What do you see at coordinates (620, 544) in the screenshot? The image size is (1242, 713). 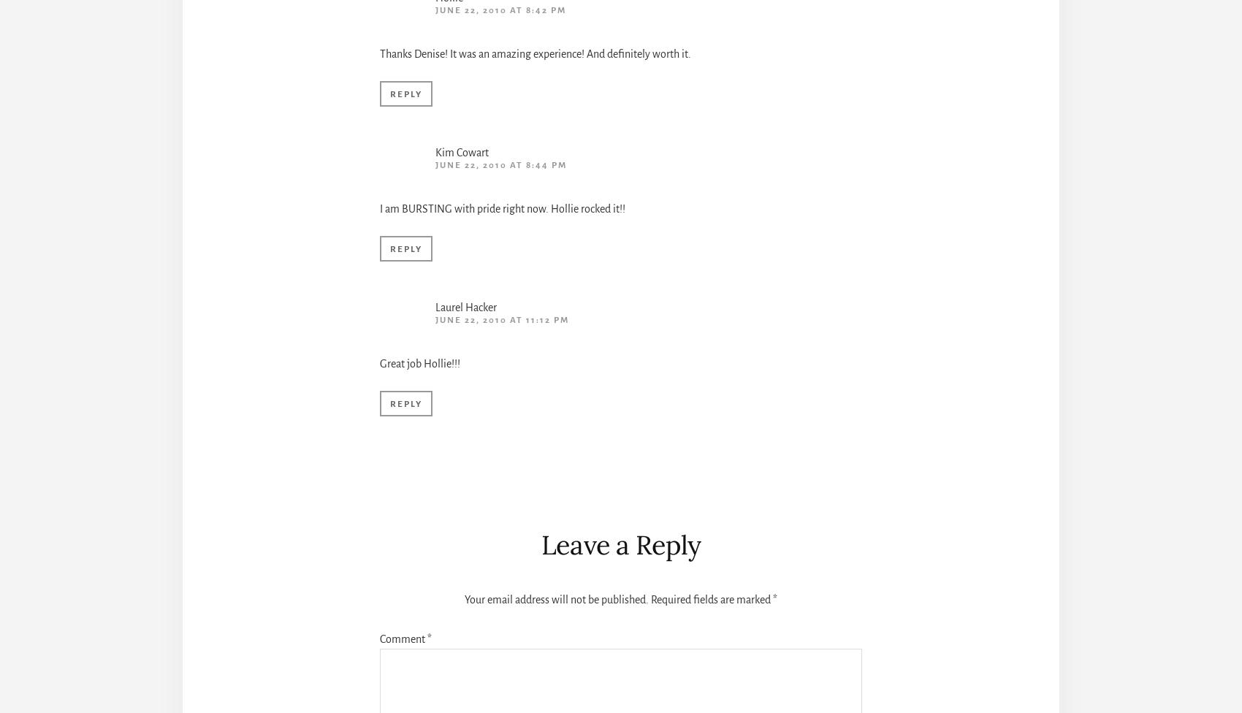 I see `'Leave a Reply'` at bounding box center [620, 544].